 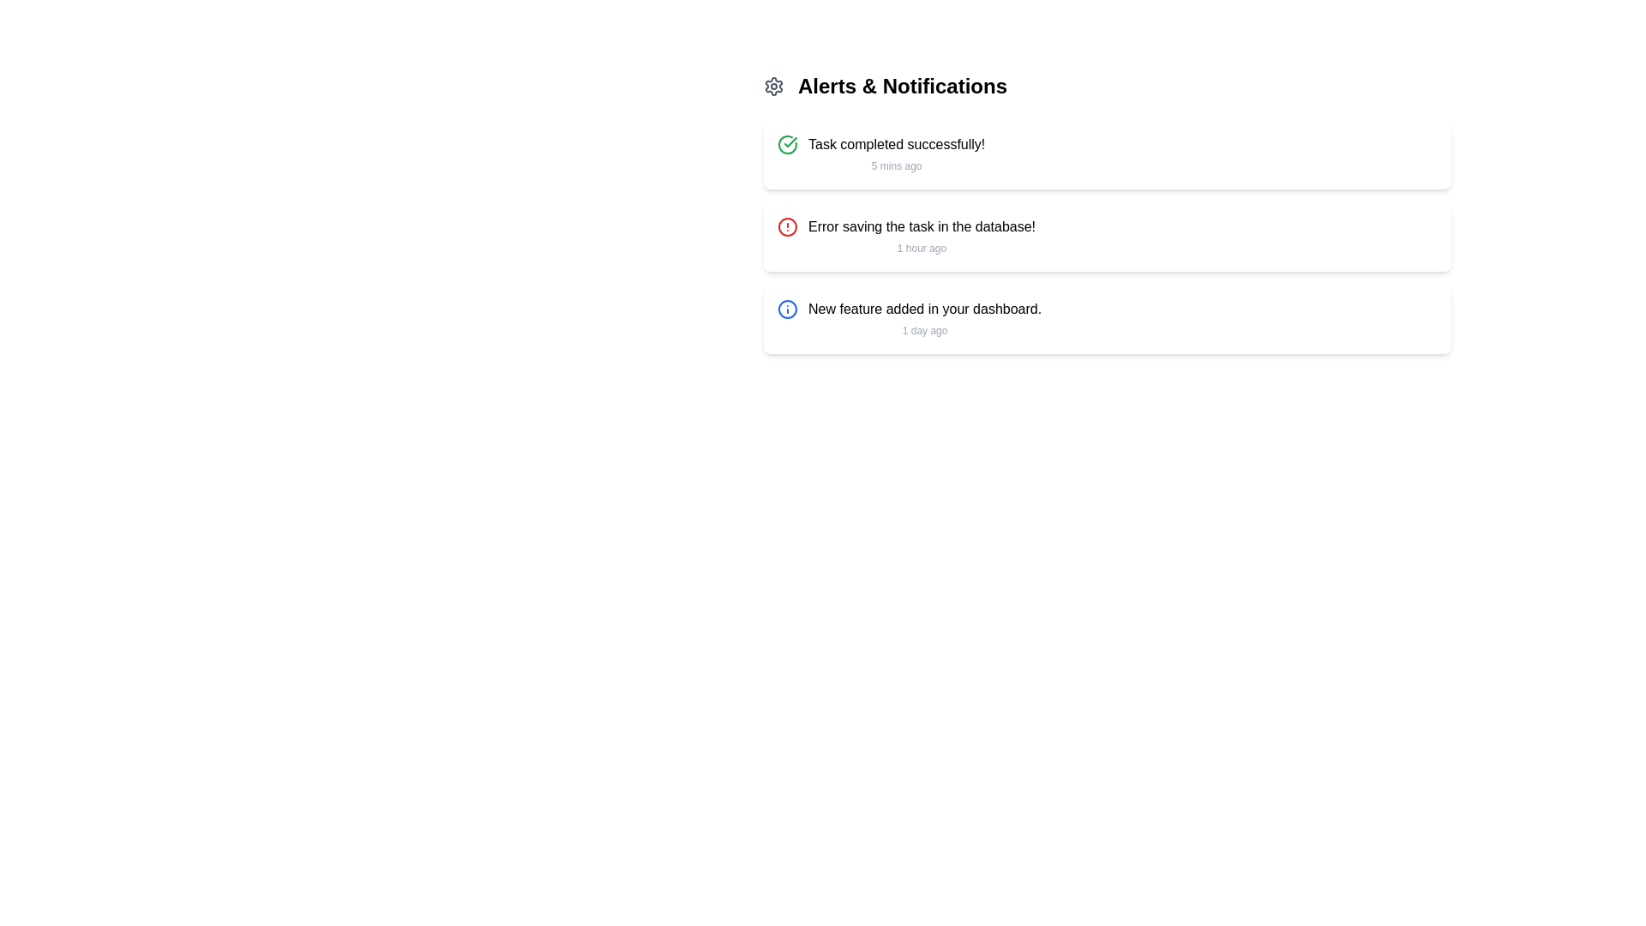 I want to click on the success notification text display component located below the 'Alerts & Notifications' heading, which features a green checkmark icon on the left, so click(x=896, y=155).